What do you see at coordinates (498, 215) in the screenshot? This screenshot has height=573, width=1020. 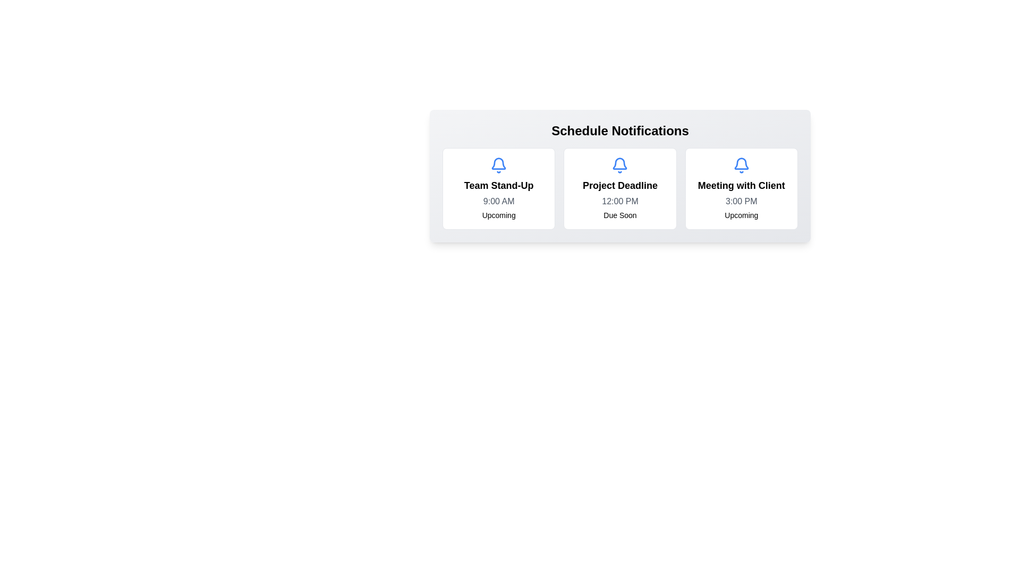 I see `the text label displaying 'Upcoming' with green text color, located at the bottom of the card layout under 'Team Stand-Up' and '9:00 AM'` at bounding box center [498, 215].